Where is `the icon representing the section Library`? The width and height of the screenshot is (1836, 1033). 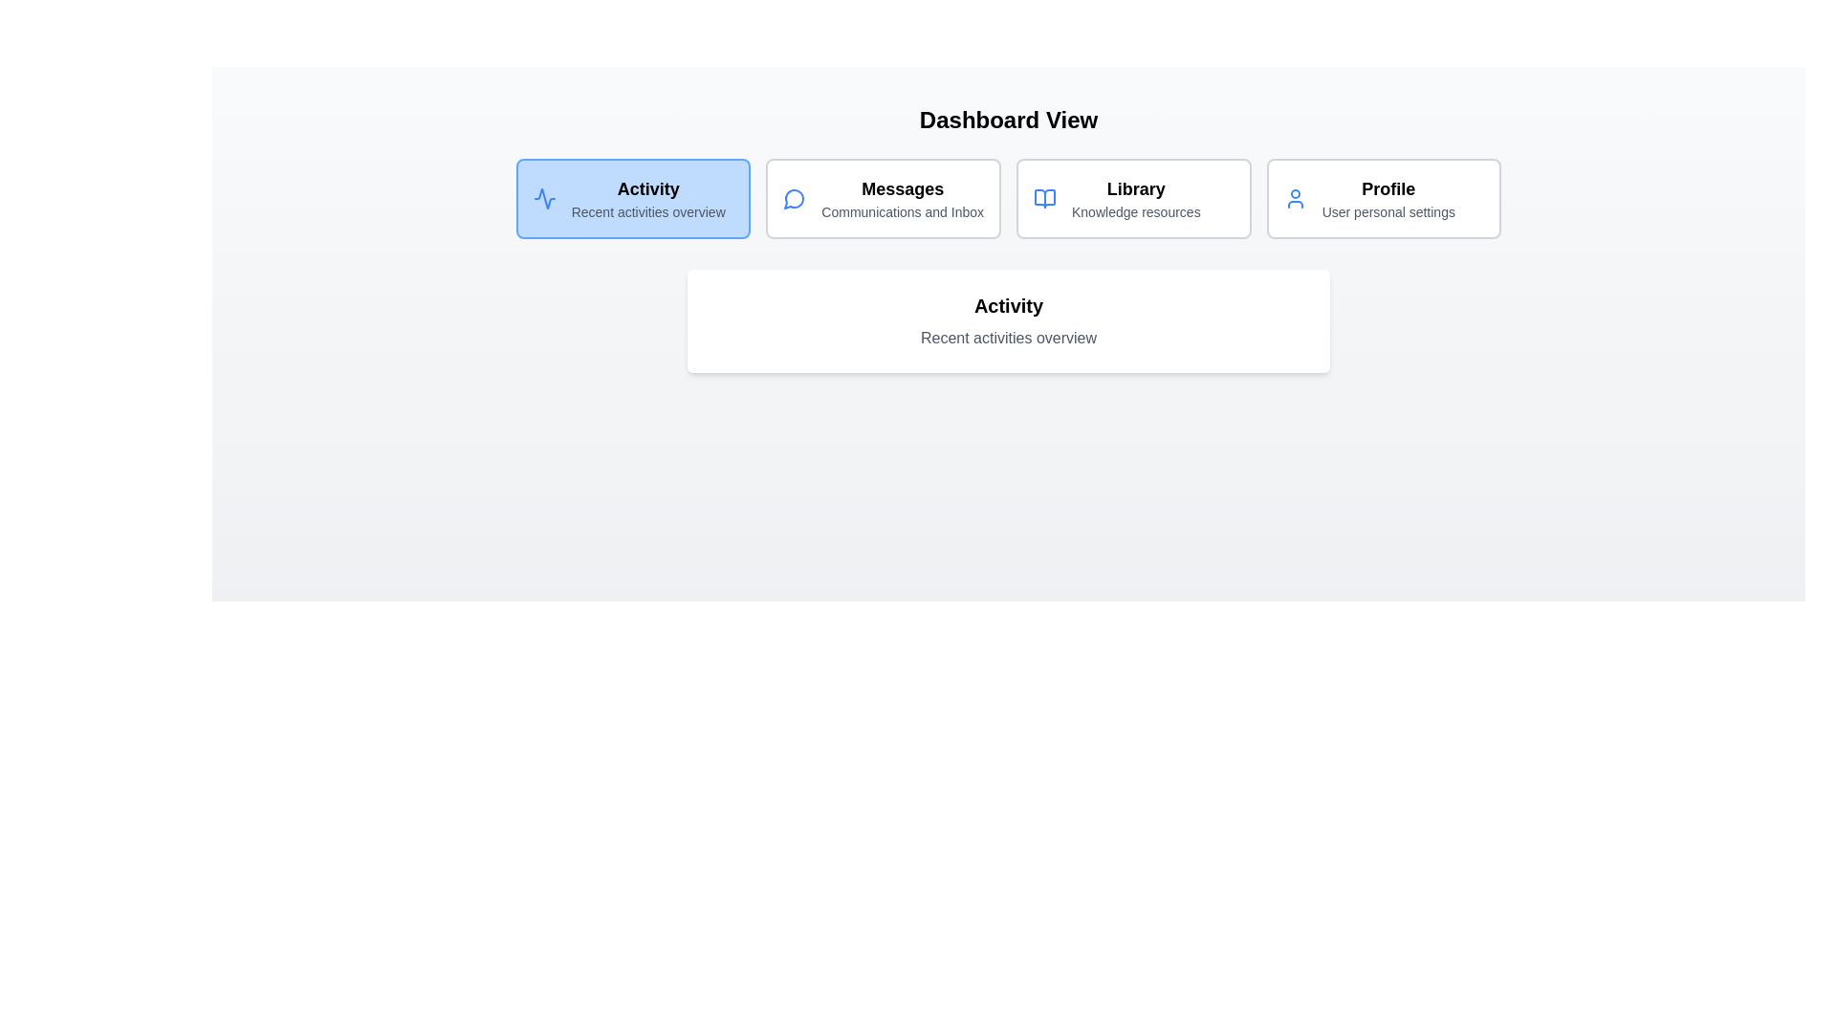
the icon representing the section Library is located at coordinates (1044, 199).